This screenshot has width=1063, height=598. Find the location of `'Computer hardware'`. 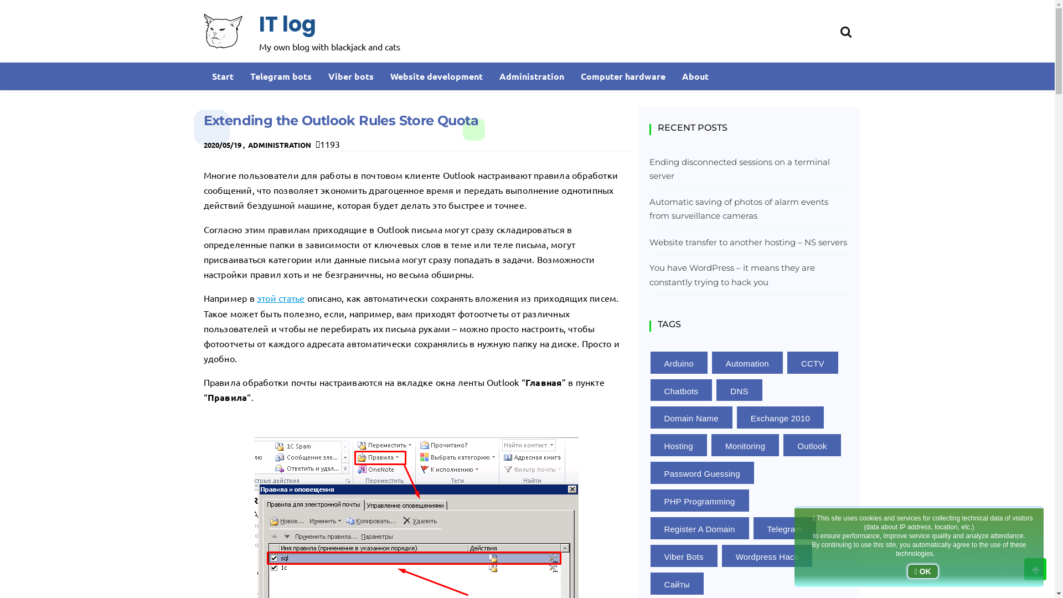

'Computer hardware' is located at coordinates (572, 76).